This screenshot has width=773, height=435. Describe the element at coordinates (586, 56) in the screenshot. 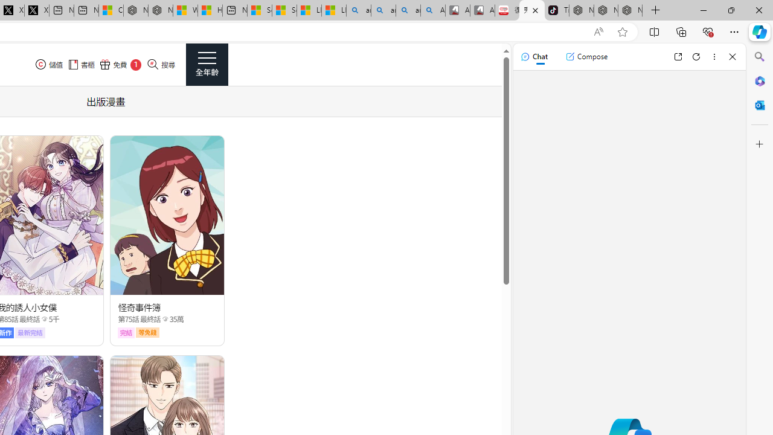

I see `'Compose'` at that location.